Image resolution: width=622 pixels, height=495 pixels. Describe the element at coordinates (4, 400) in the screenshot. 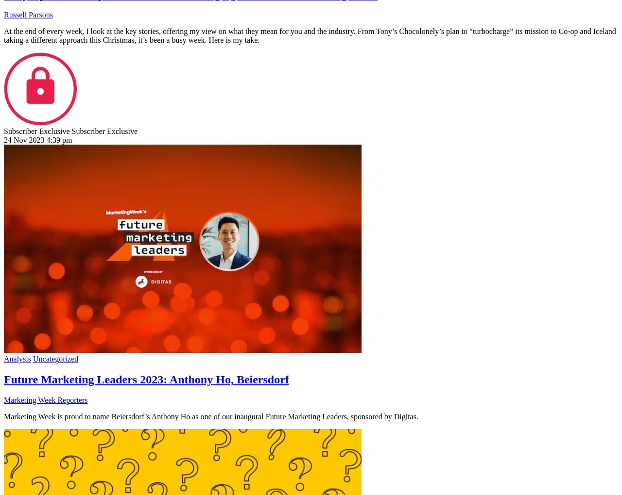

I see `'Marketing Week Reporters'` at that location.